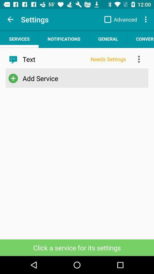  What do you see at coordinates (10, 19) in the screenshot?
I see `the item above the services` at bounding box center [10, 19].